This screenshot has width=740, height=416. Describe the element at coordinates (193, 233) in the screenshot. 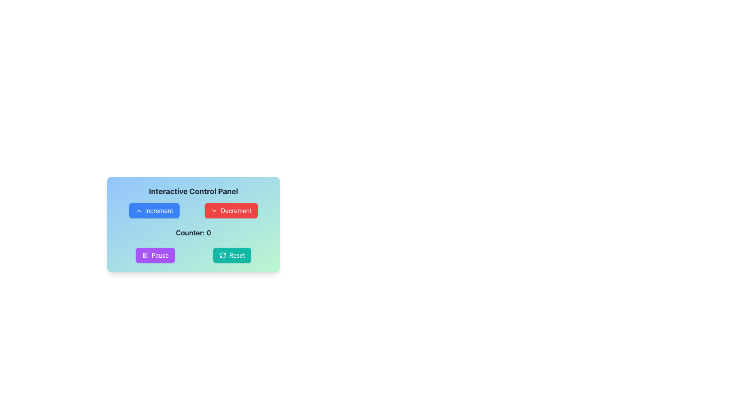

I see `the Static Text Label that displays the current counter value, located centrally below the Increment and Decrement buttons and above the Pause and Reset buttons` at that location.